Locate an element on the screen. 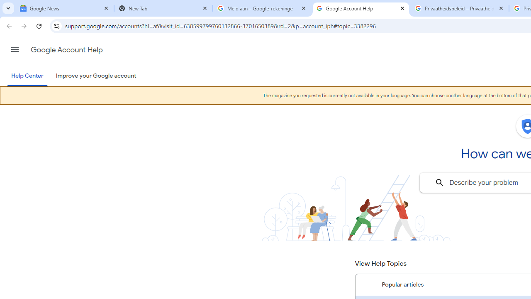 This screenshot has width=531, height=299. 'Improve your Google account' is located at coordinates (96, 76).